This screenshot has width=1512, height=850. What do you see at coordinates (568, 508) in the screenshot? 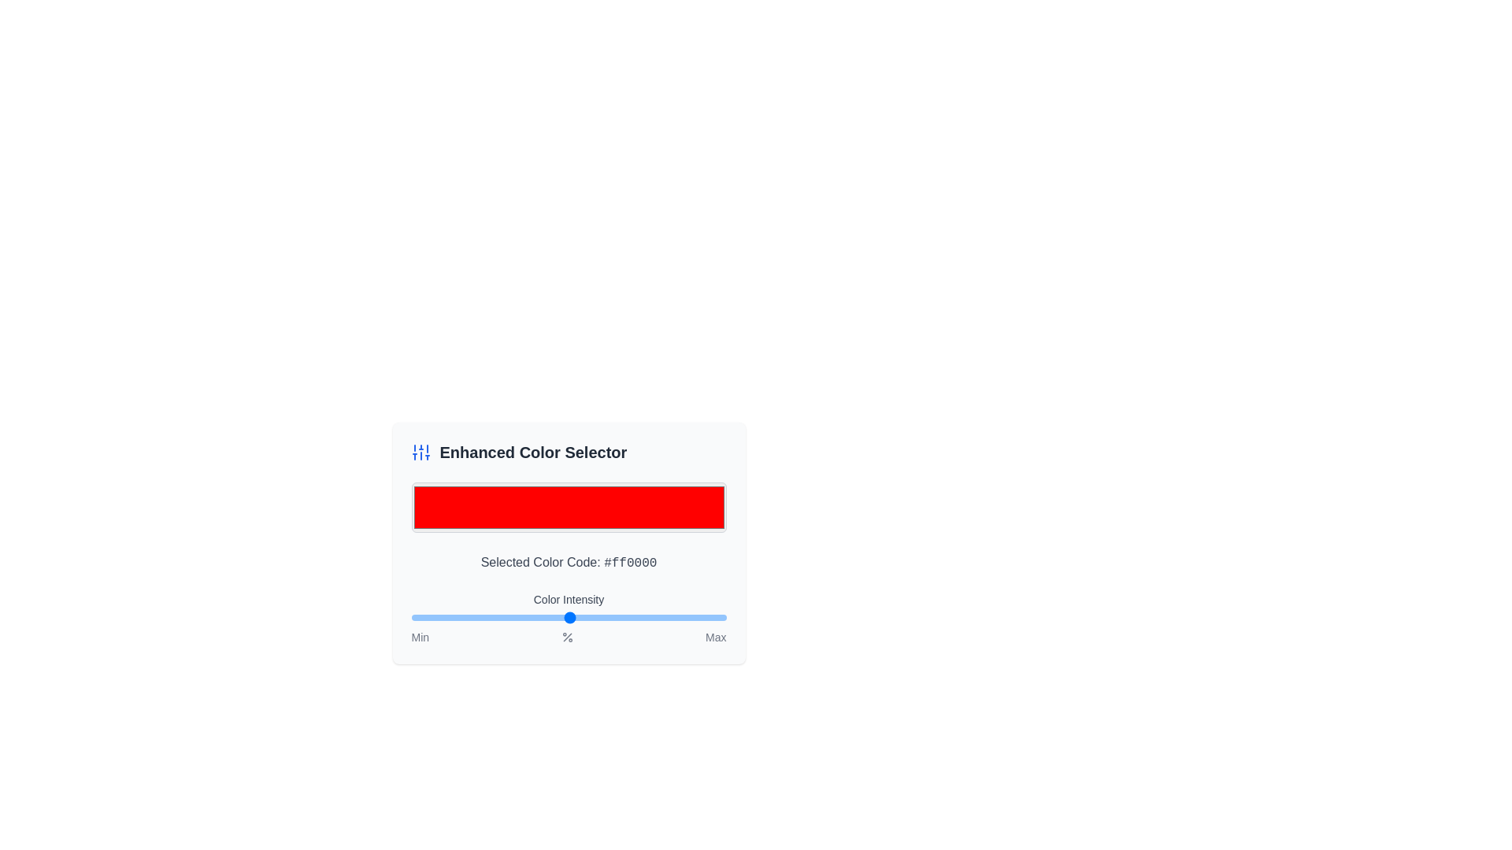
I see `the Color Display Field that shows the currently selected color, which is red with the value '#ff0000'` at bounding box center [568, 508].